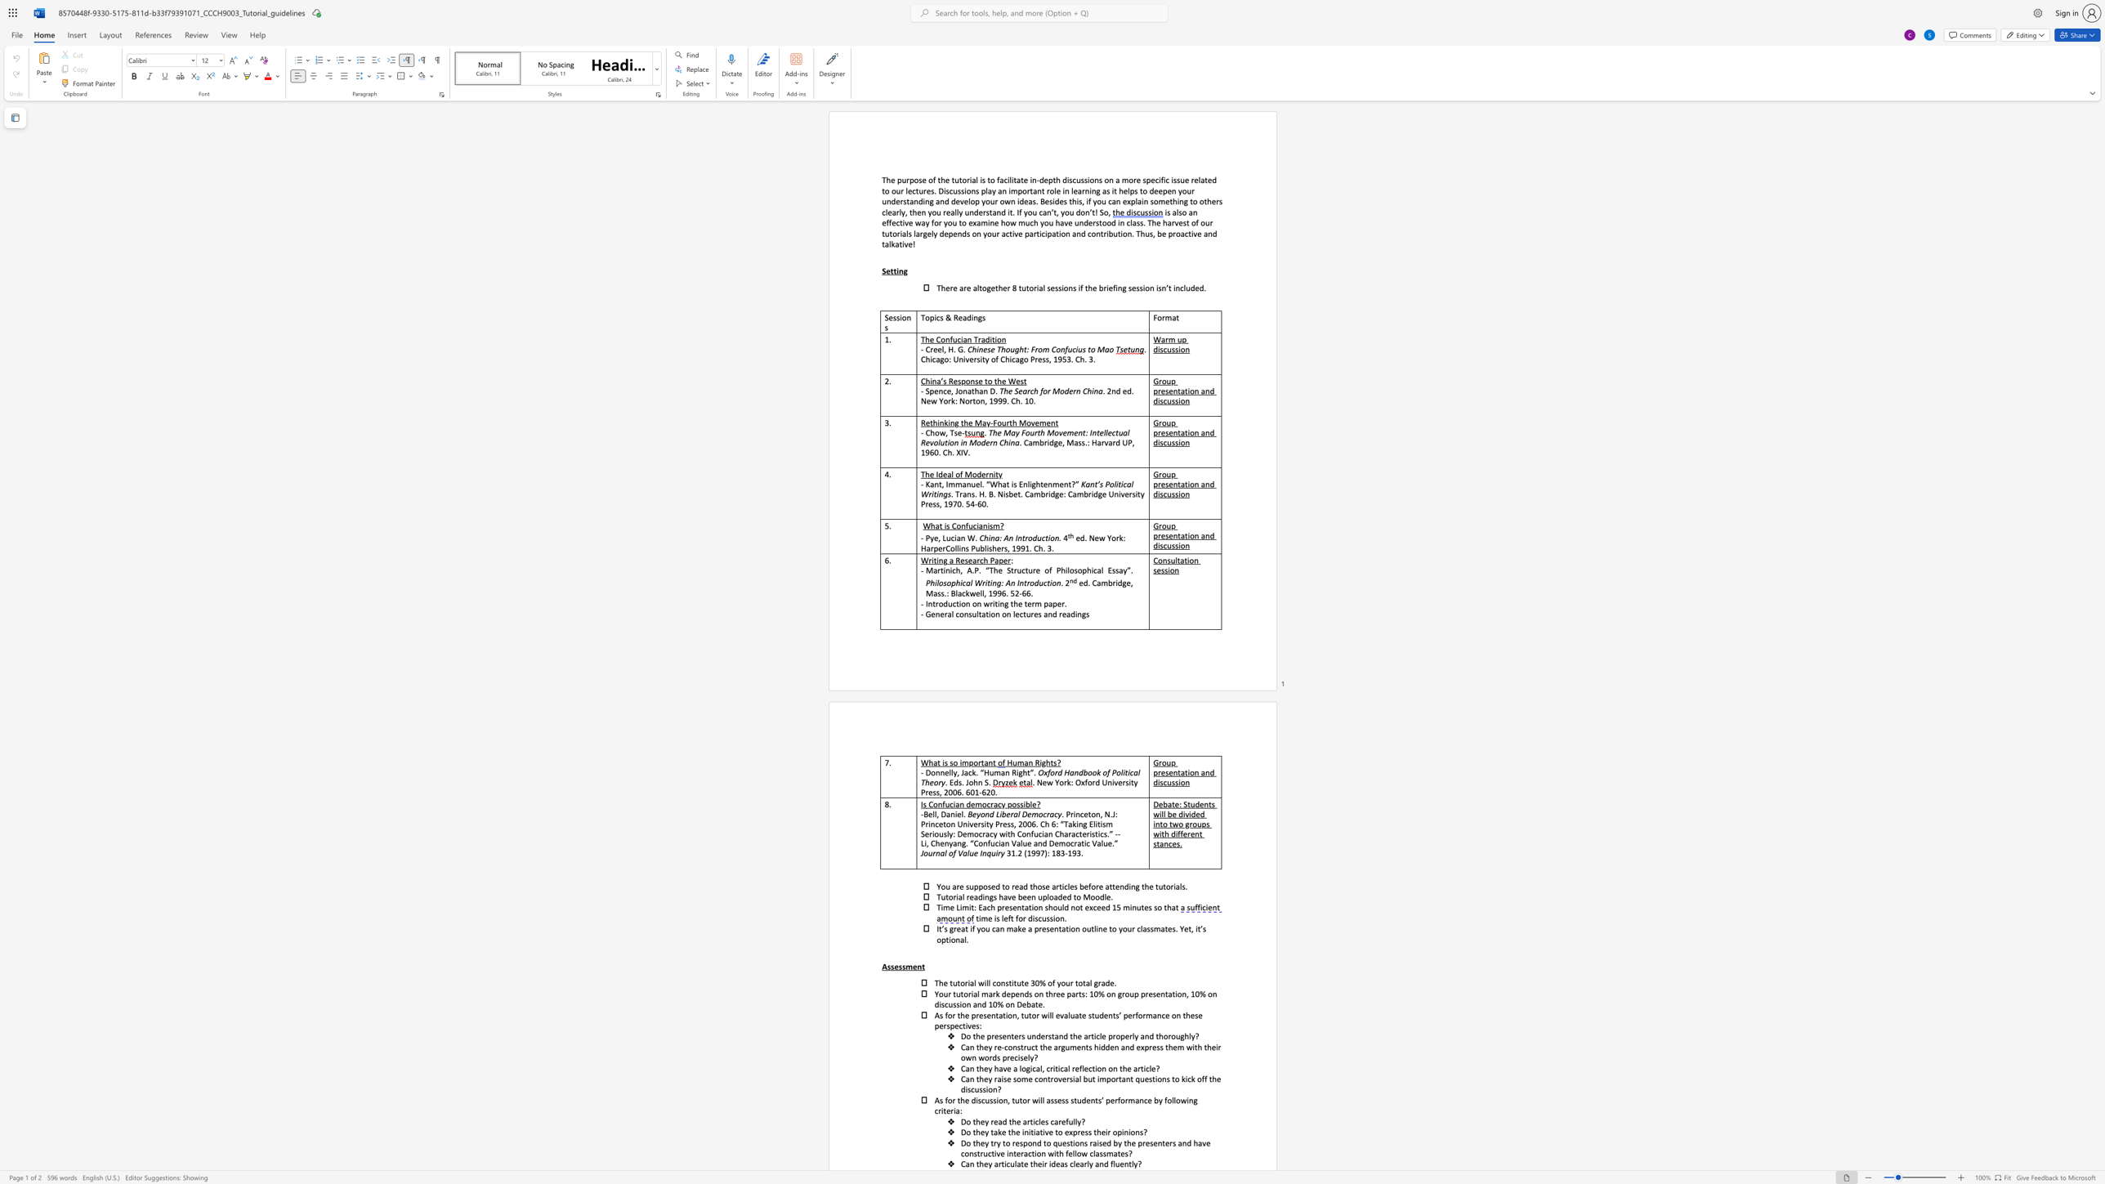 The height and width of the screenshot is (1184, 2105). I want to click on the subset text "he" within the text "The tutorial will", so click(938, 983).